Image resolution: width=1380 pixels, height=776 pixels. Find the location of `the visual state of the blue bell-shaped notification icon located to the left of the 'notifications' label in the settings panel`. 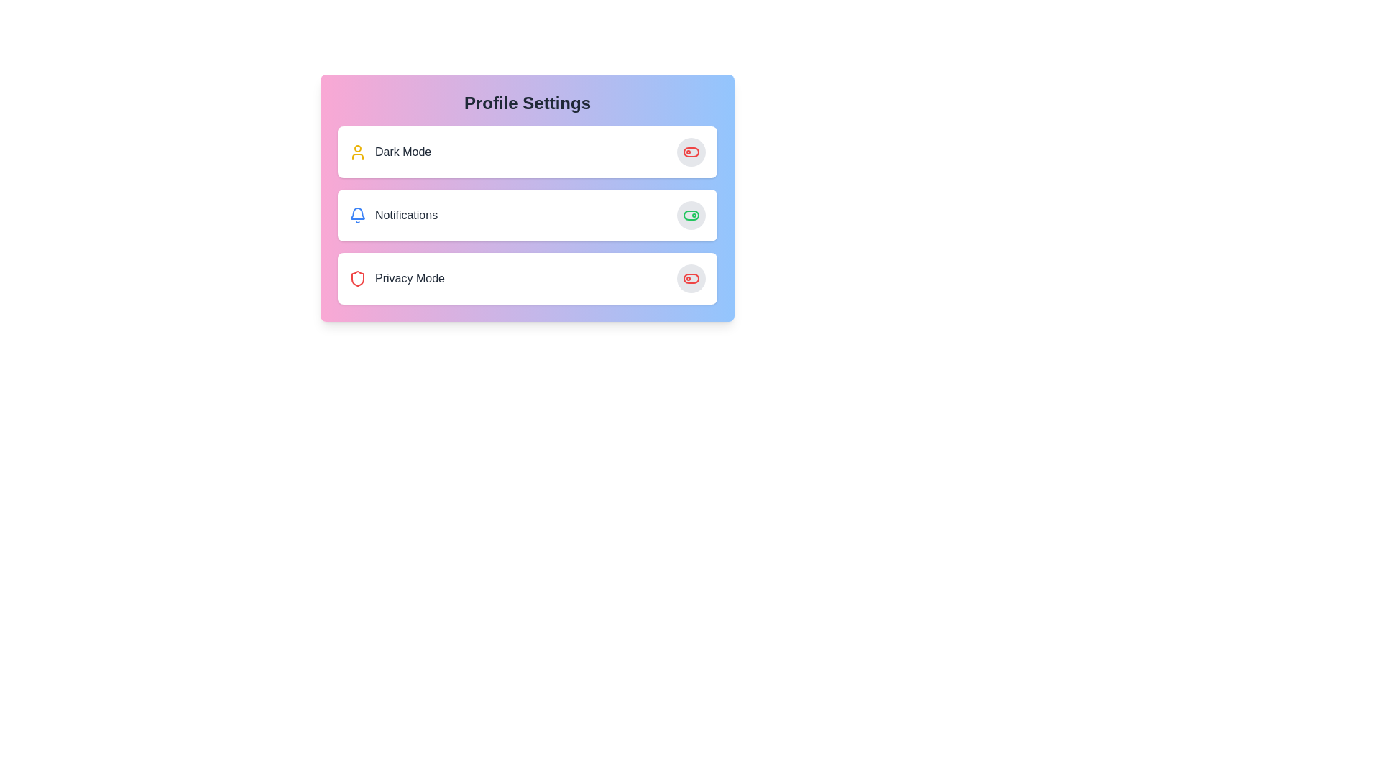

the visual state of the blue bell-shaped notification icon located to the left of the 'notifications' label in the settings panel is located at coordinates (358, 216).